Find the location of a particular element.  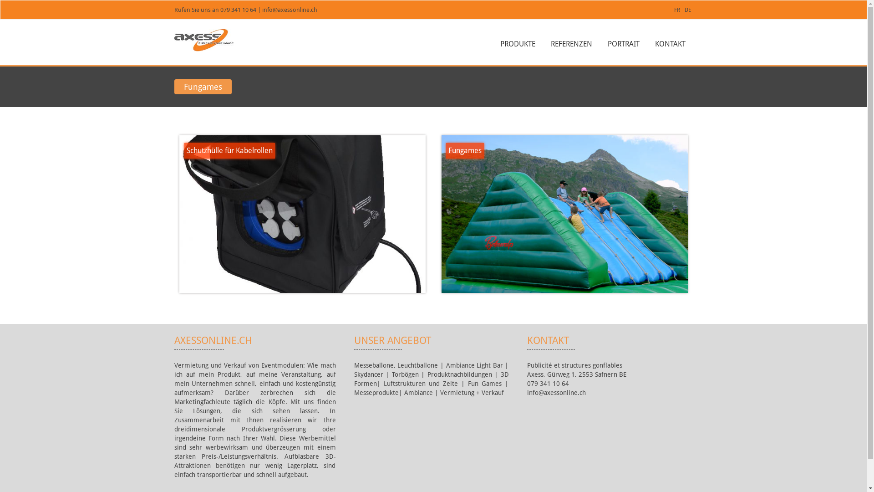

'info@axessonline.ch' is located at coordinates (556, 392).